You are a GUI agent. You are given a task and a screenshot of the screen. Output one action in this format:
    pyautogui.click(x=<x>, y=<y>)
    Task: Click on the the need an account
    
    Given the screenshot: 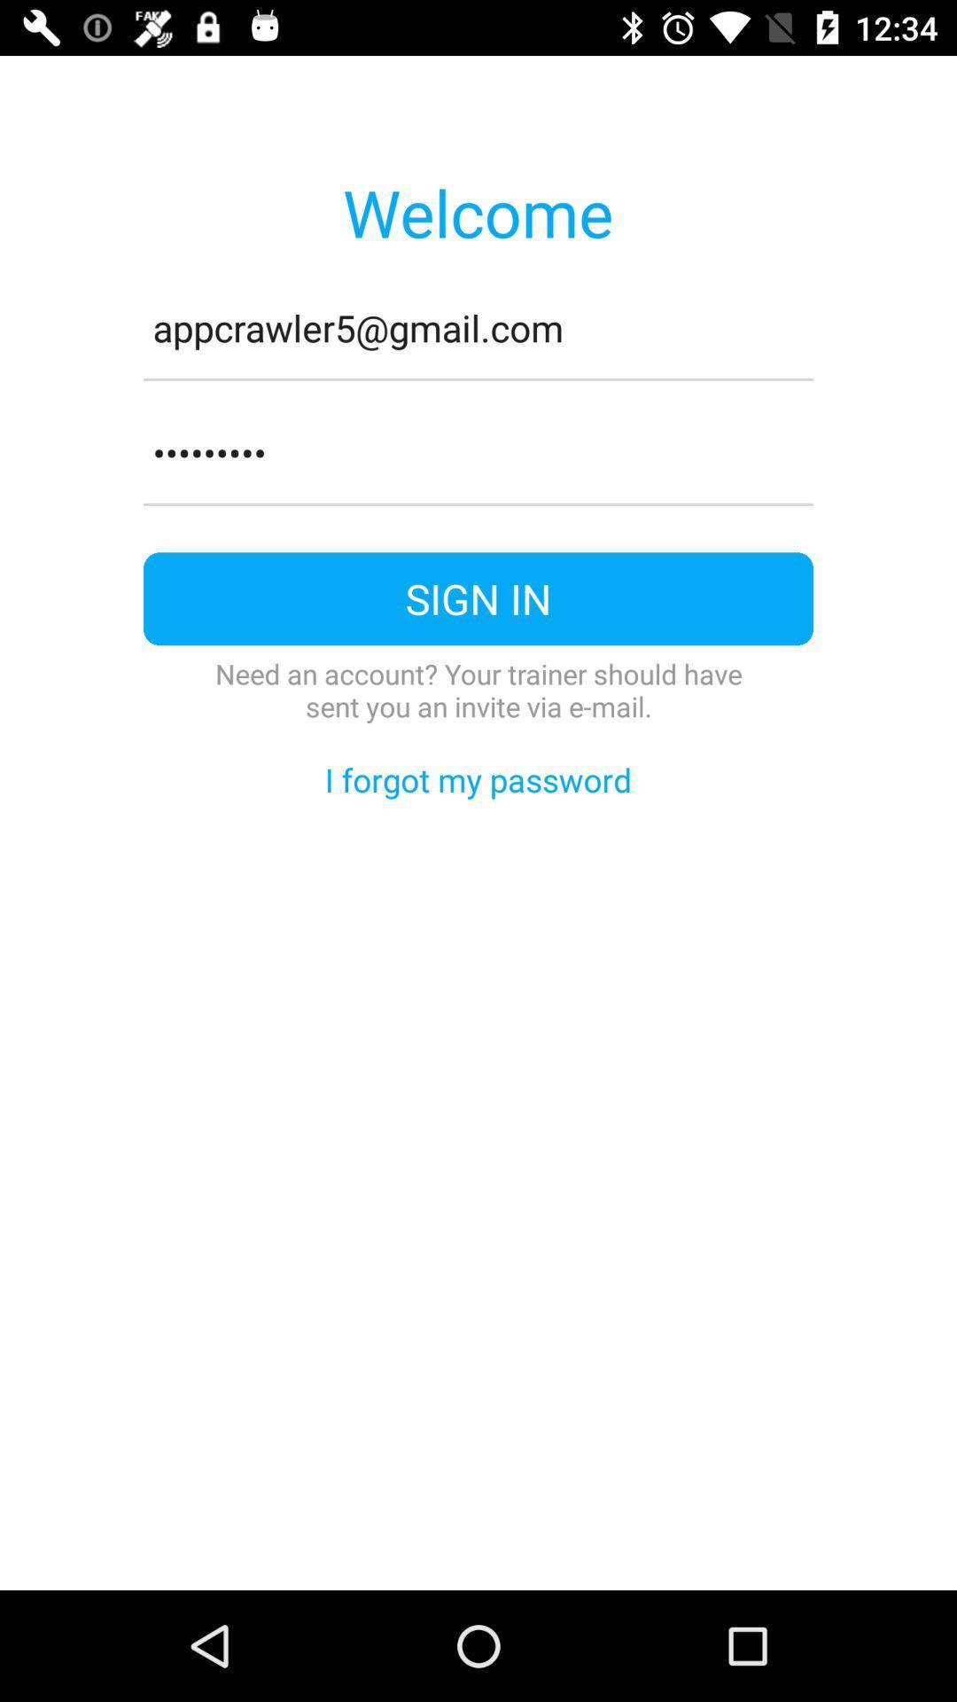 What is the action you would take?
    pyautogui.click(x=478, y=689)
    